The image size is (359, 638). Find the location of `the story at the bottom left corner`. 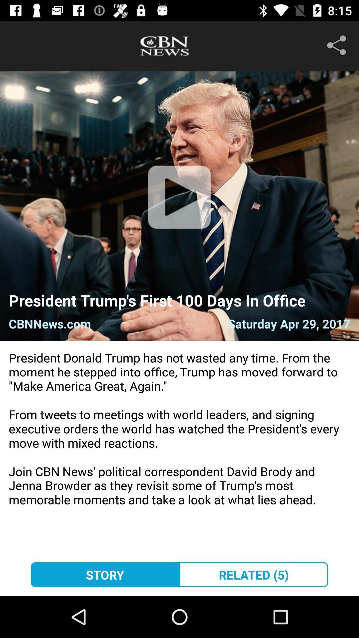

the story at the bottom left corner is located at coordinates (105, 574).